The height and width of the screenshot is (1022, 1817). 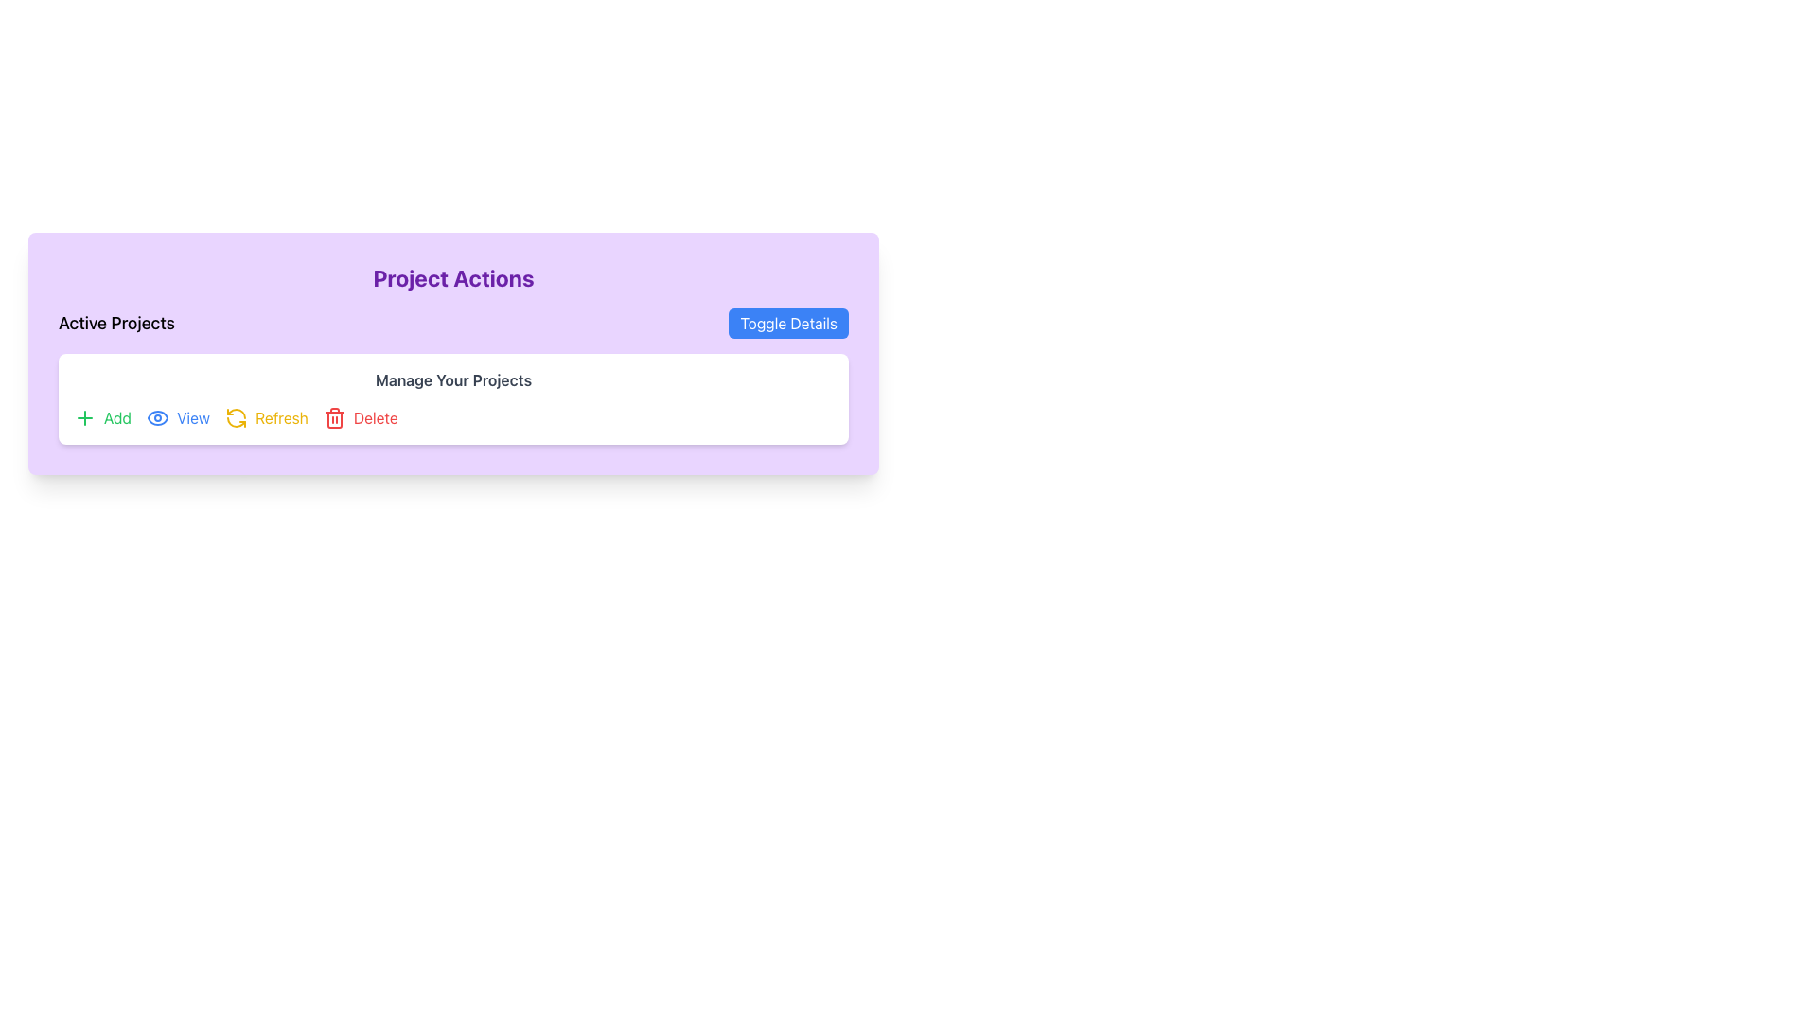 I want to click on the green plus sign icon located to the left of the 'Add' button, which is the first button in the sequence of buttons including 'View', 'Refresh', and 'Delete', so click(x=84, y=417).